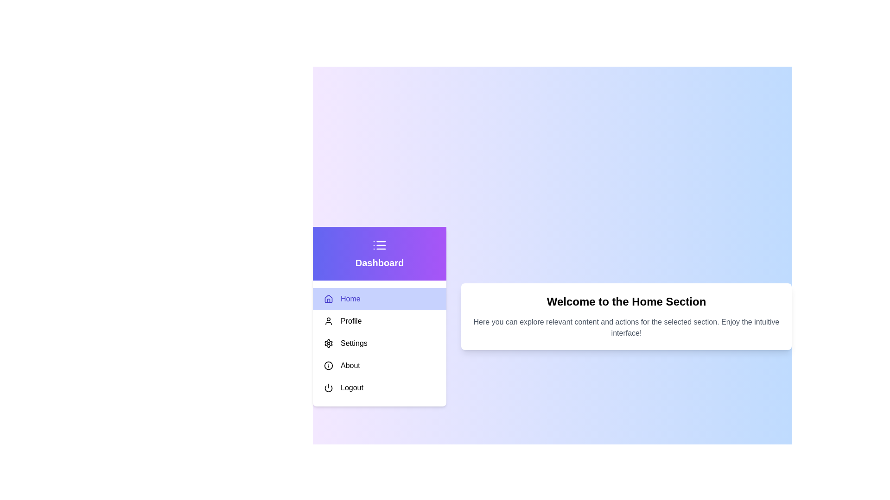  Describe the element at coordinates (380, 343) in the screenshot. I see `the menu item Settings to select it` at that location.